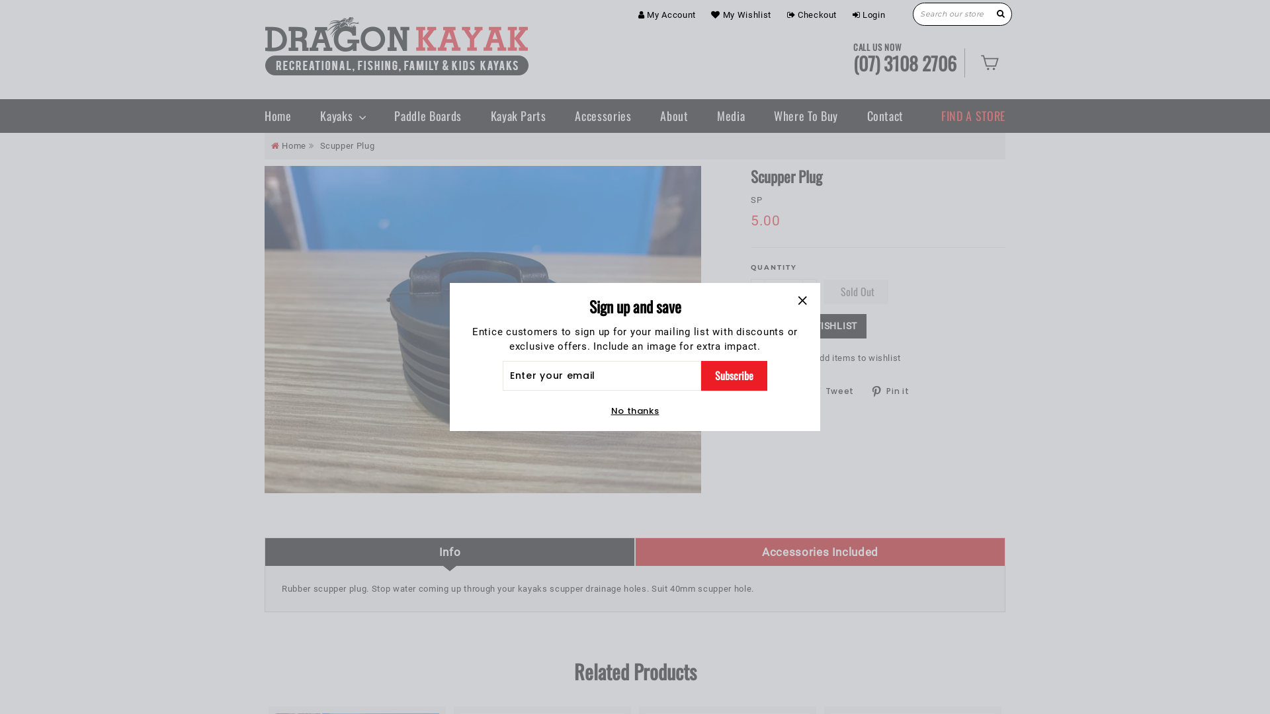  Describe the element at coordinates (885, 115) in the screenshot. I see `'Contact'` at that location.